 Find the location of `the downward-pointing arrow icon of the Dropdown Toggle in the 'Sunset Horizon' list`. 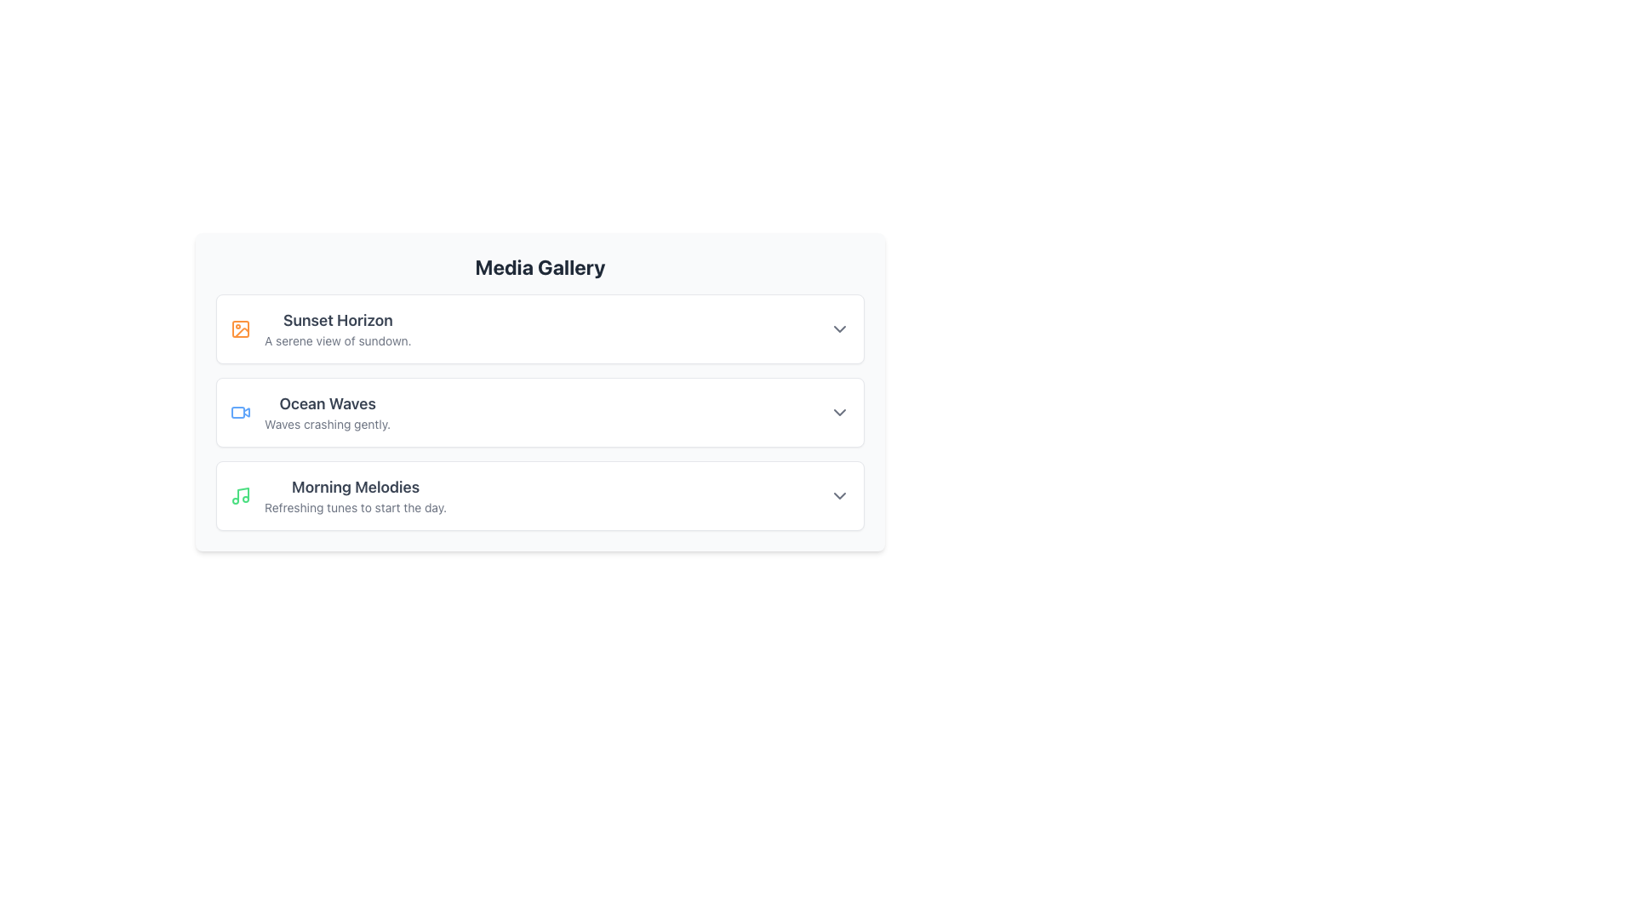

the downward-pointing arrow icon of the Dropdown Toggle in the 'Sunset Horizon' list is located at coordinates (840, 328).